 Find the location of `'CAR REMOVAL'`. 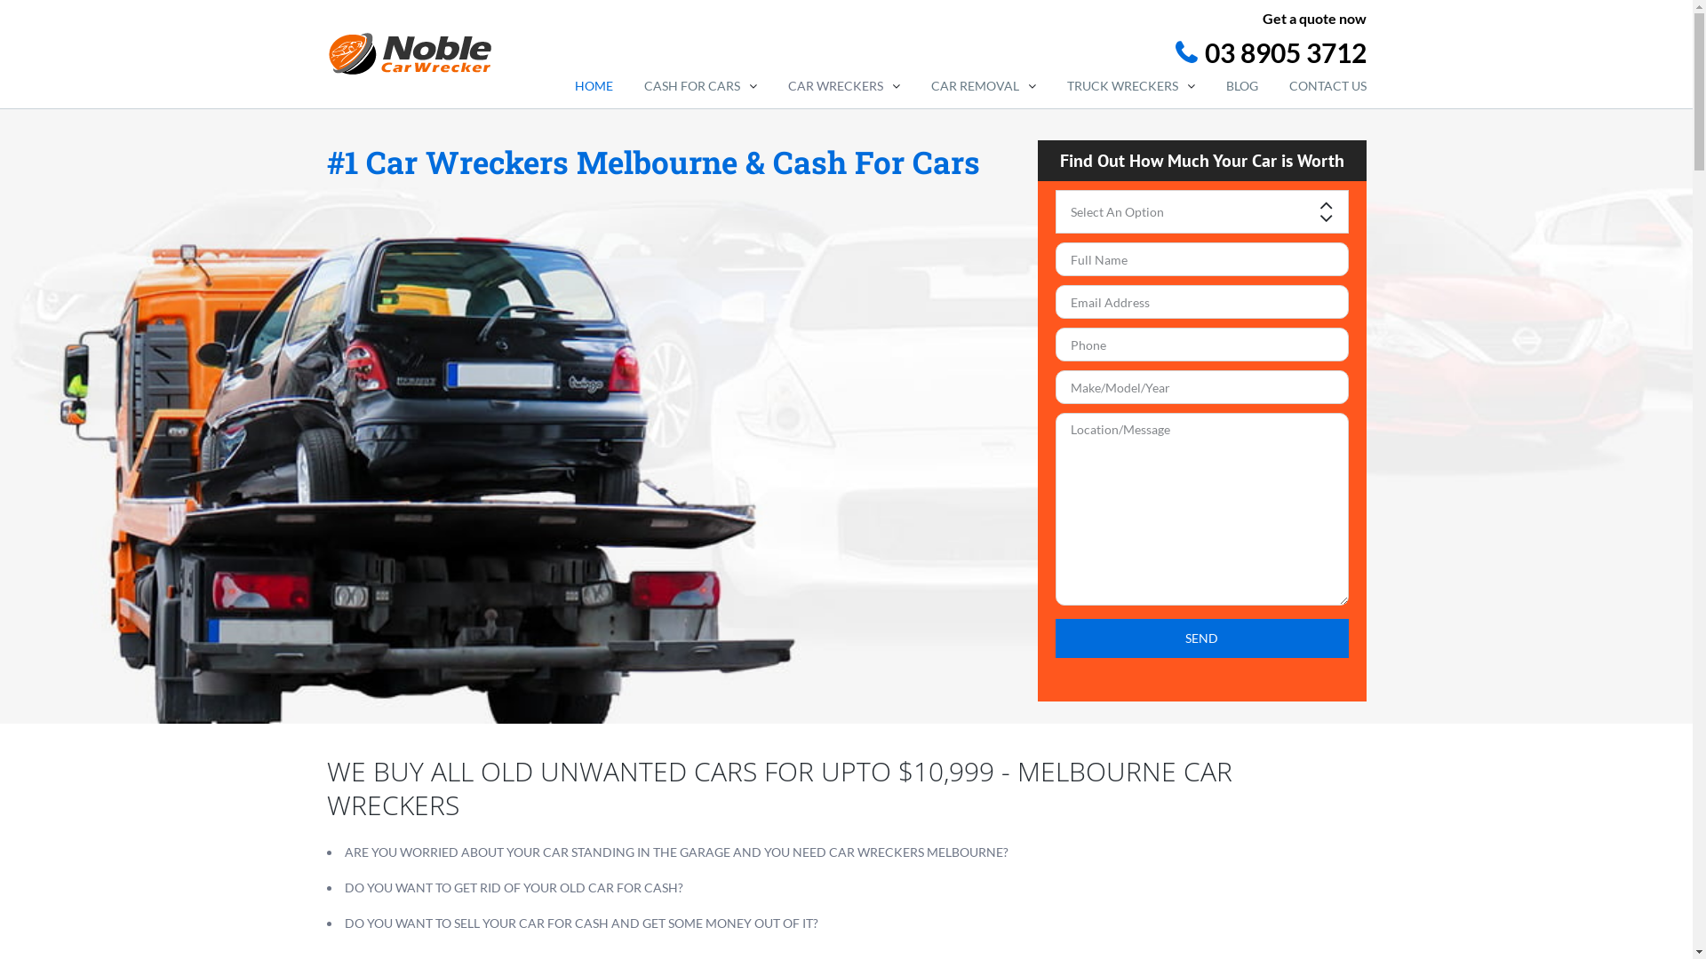

'CAR REMOVAL' is located at coordinates (983, 85).